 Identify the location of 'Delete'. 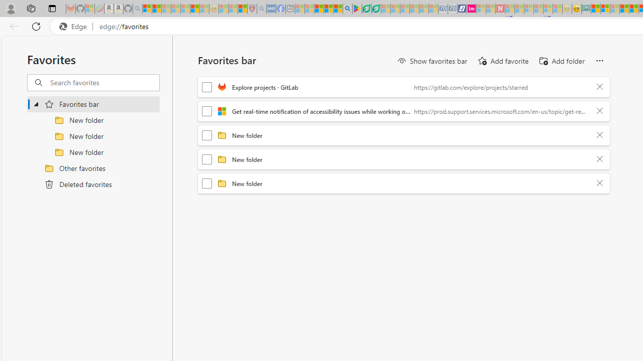
(600, 184).